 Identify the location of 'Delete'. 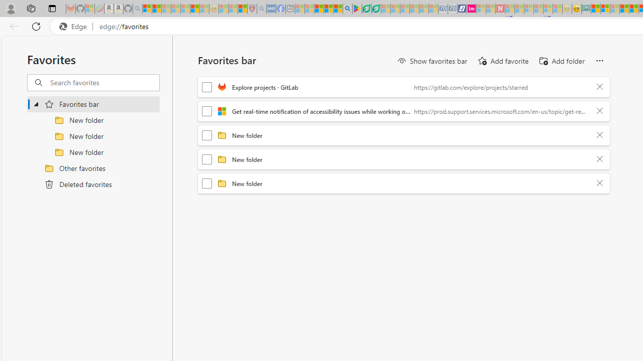
(600, 184).